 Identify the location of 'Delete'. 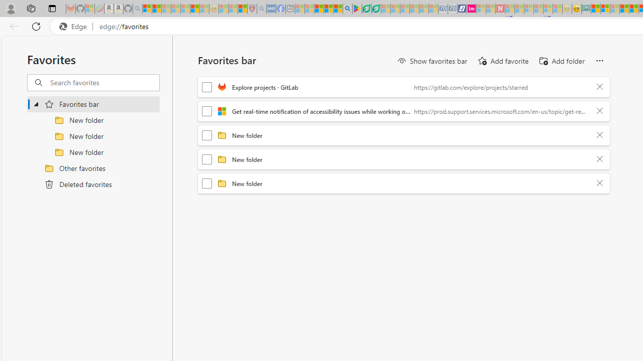
(600, 184).